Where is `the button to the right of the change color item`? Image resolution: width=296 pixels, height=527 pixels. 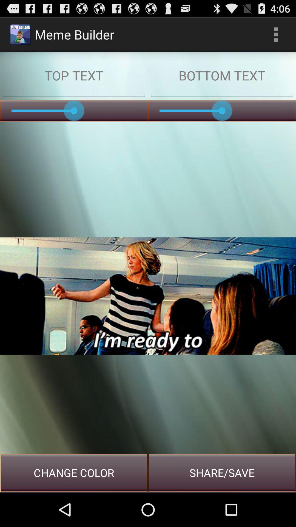
the button to the right of the change color item is located at coordinates (222, 472).